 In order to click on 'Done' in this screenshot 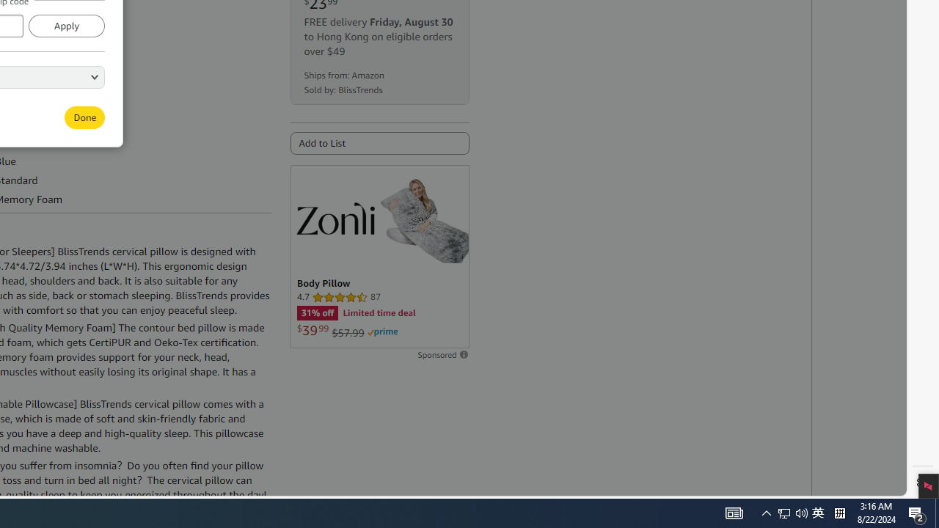, I will do `click(84, 116)`.